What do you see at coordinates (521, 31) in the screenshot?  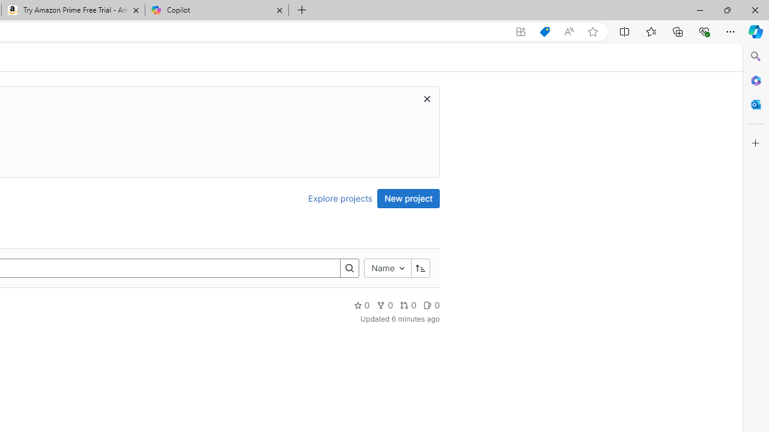 I see `'App available. Install GitLab'` at bounding box center [521, 31].